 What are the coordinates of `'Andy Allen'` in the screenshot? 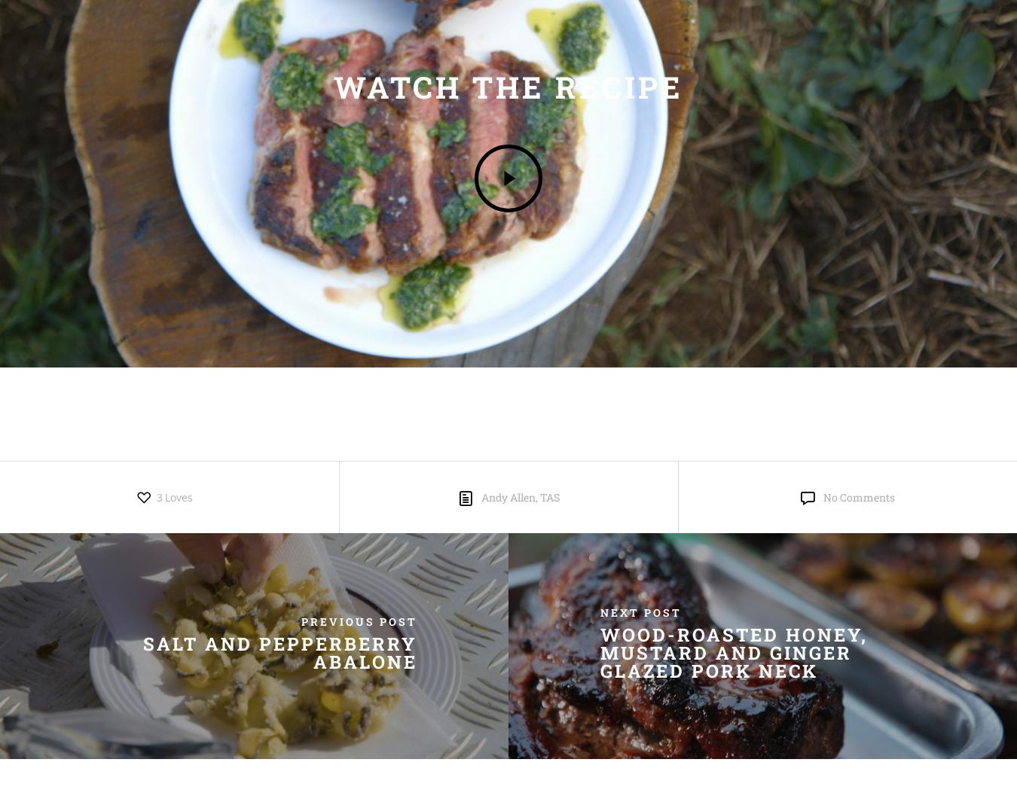 It's located at (508, 496).